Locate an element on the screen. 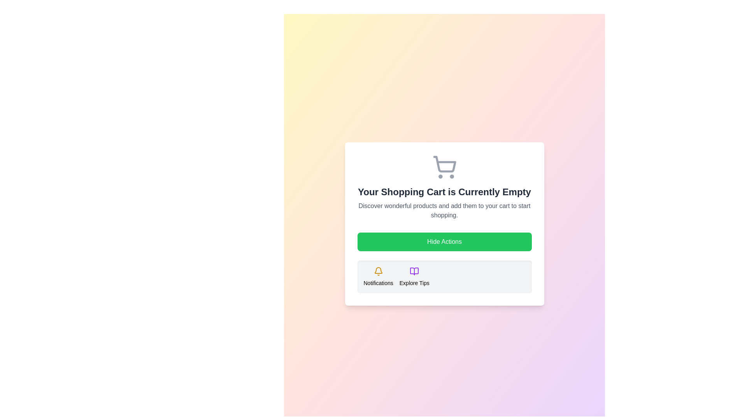  the text label displaying 'Notifications' with a small text size, located below the notification bell icon in the bottom-left side of the primary card is located at coordinates (378, 283).